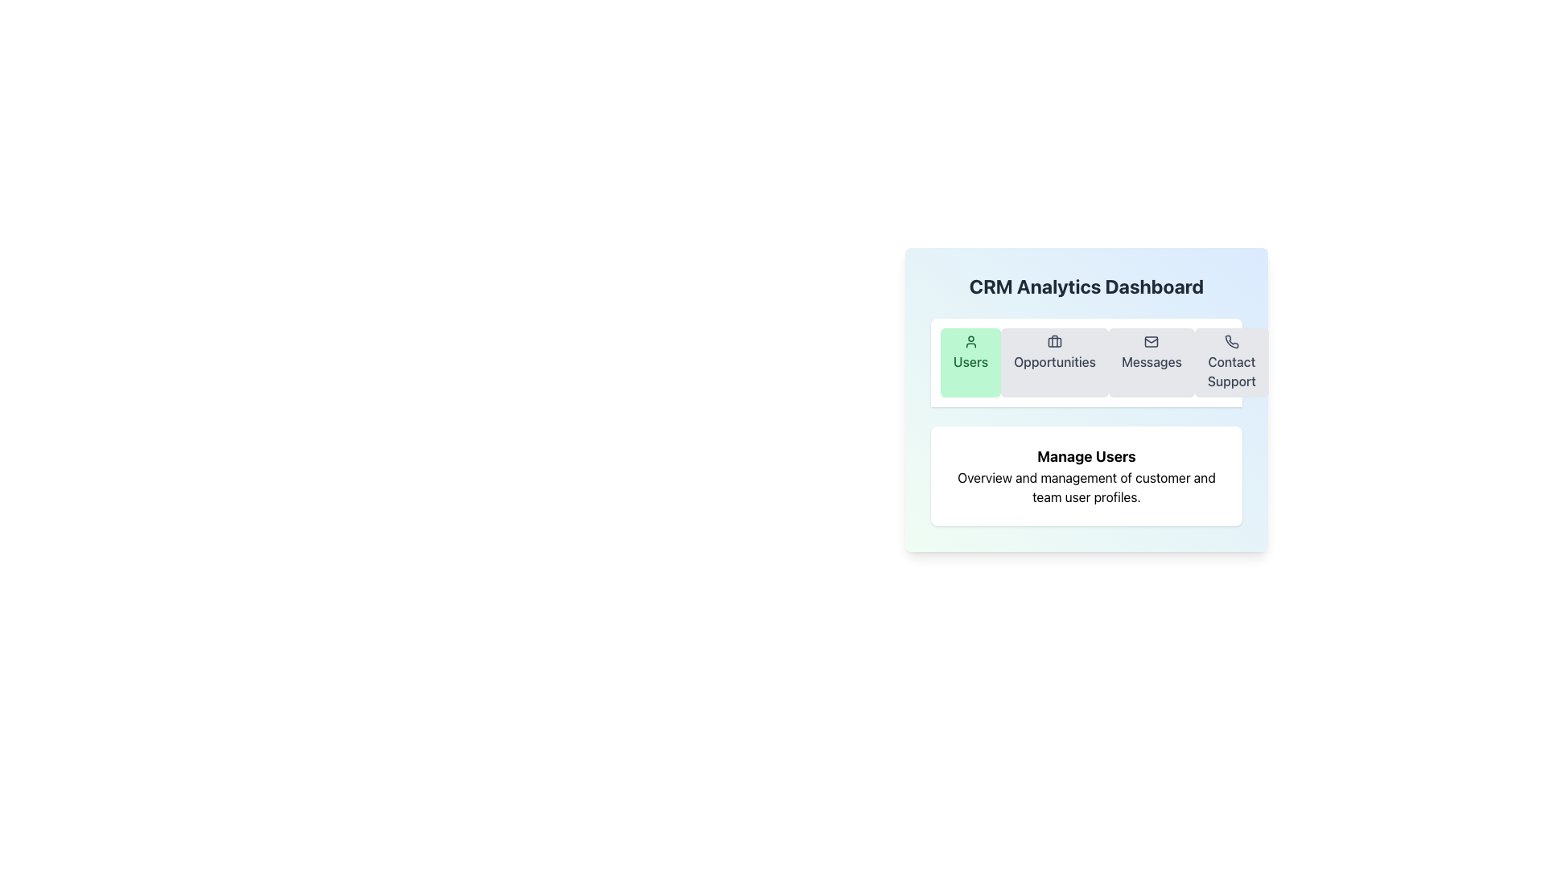  I want to click on the phone icon located within the 'Contact Support' button on the far right of the horizontal navigation bar, so click(1231, 340).